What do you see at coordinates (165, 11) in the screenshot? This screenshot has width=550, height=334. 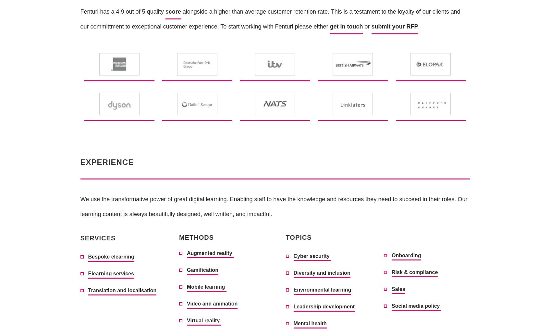 I see `'score'` at bounding box center [165, 11].